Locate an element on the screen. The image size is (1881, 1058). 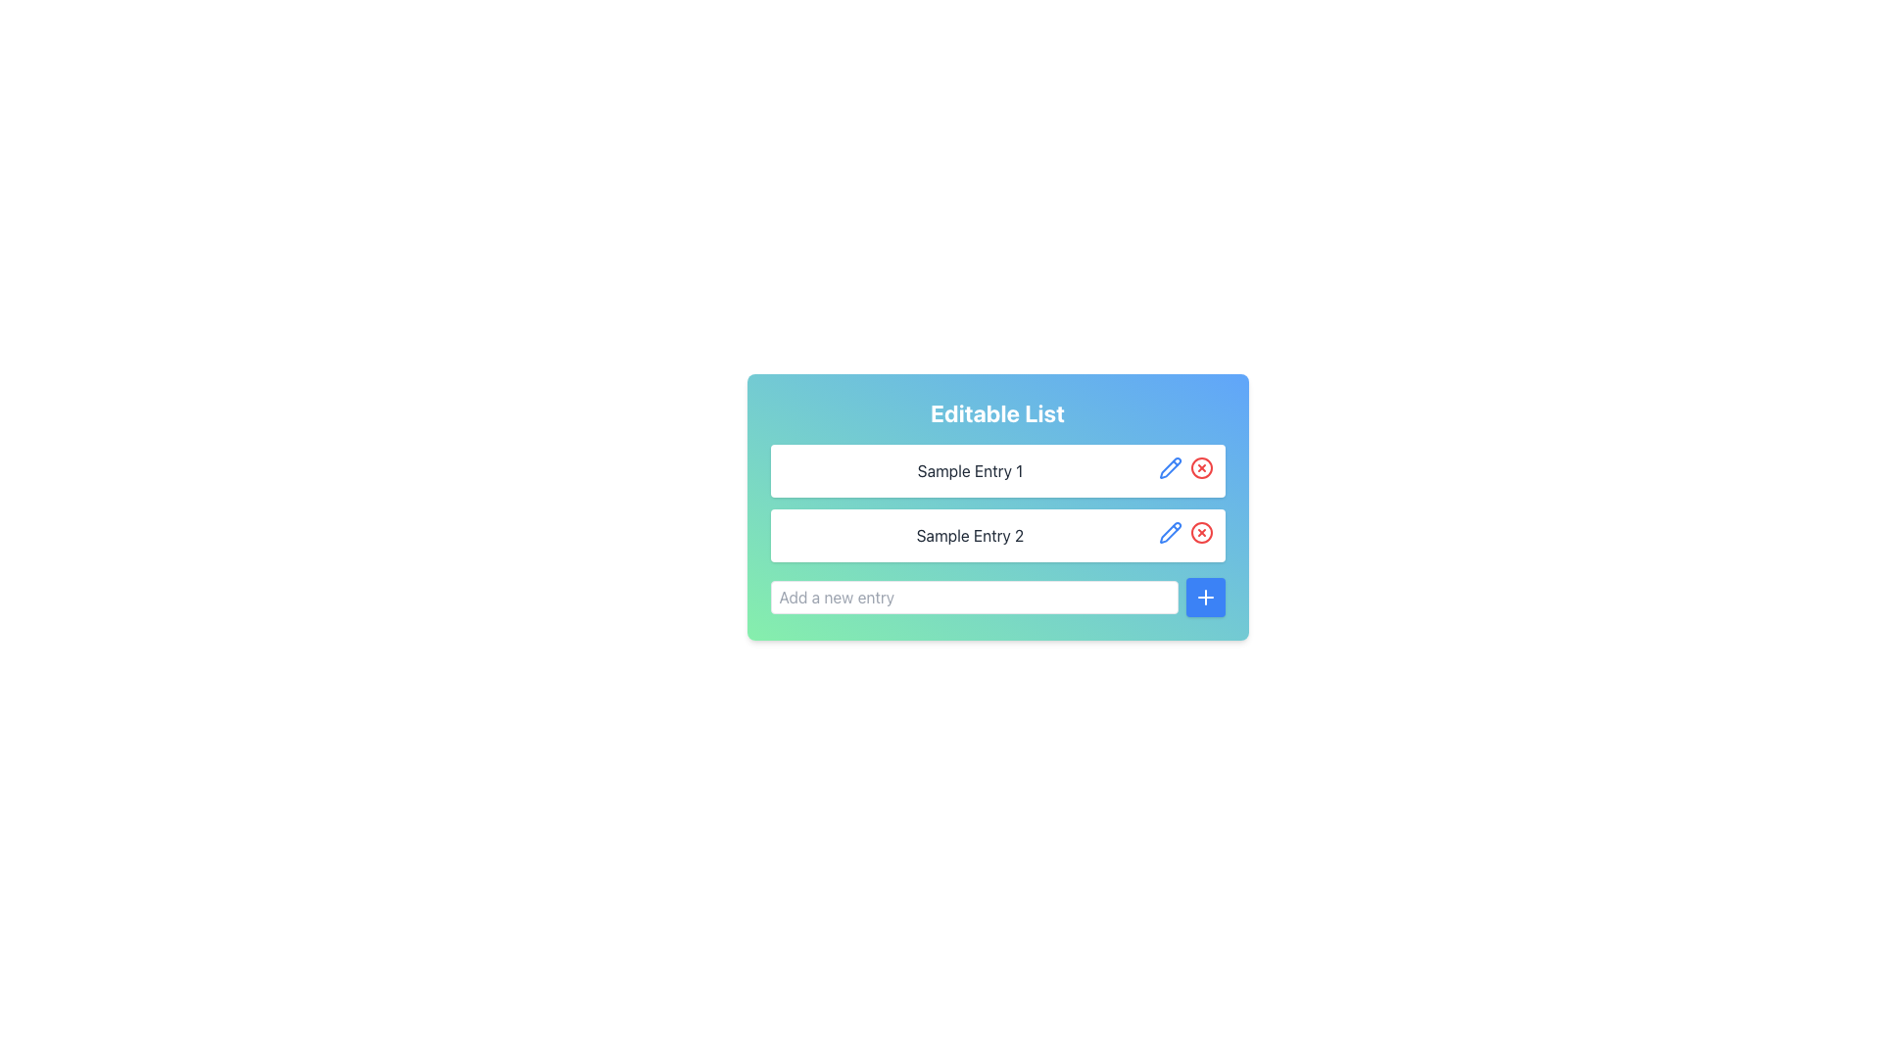
the first item in the vertically stacked list labeled 'Editable List', which allows editing or deleting options is located at coordinates (997, 471).